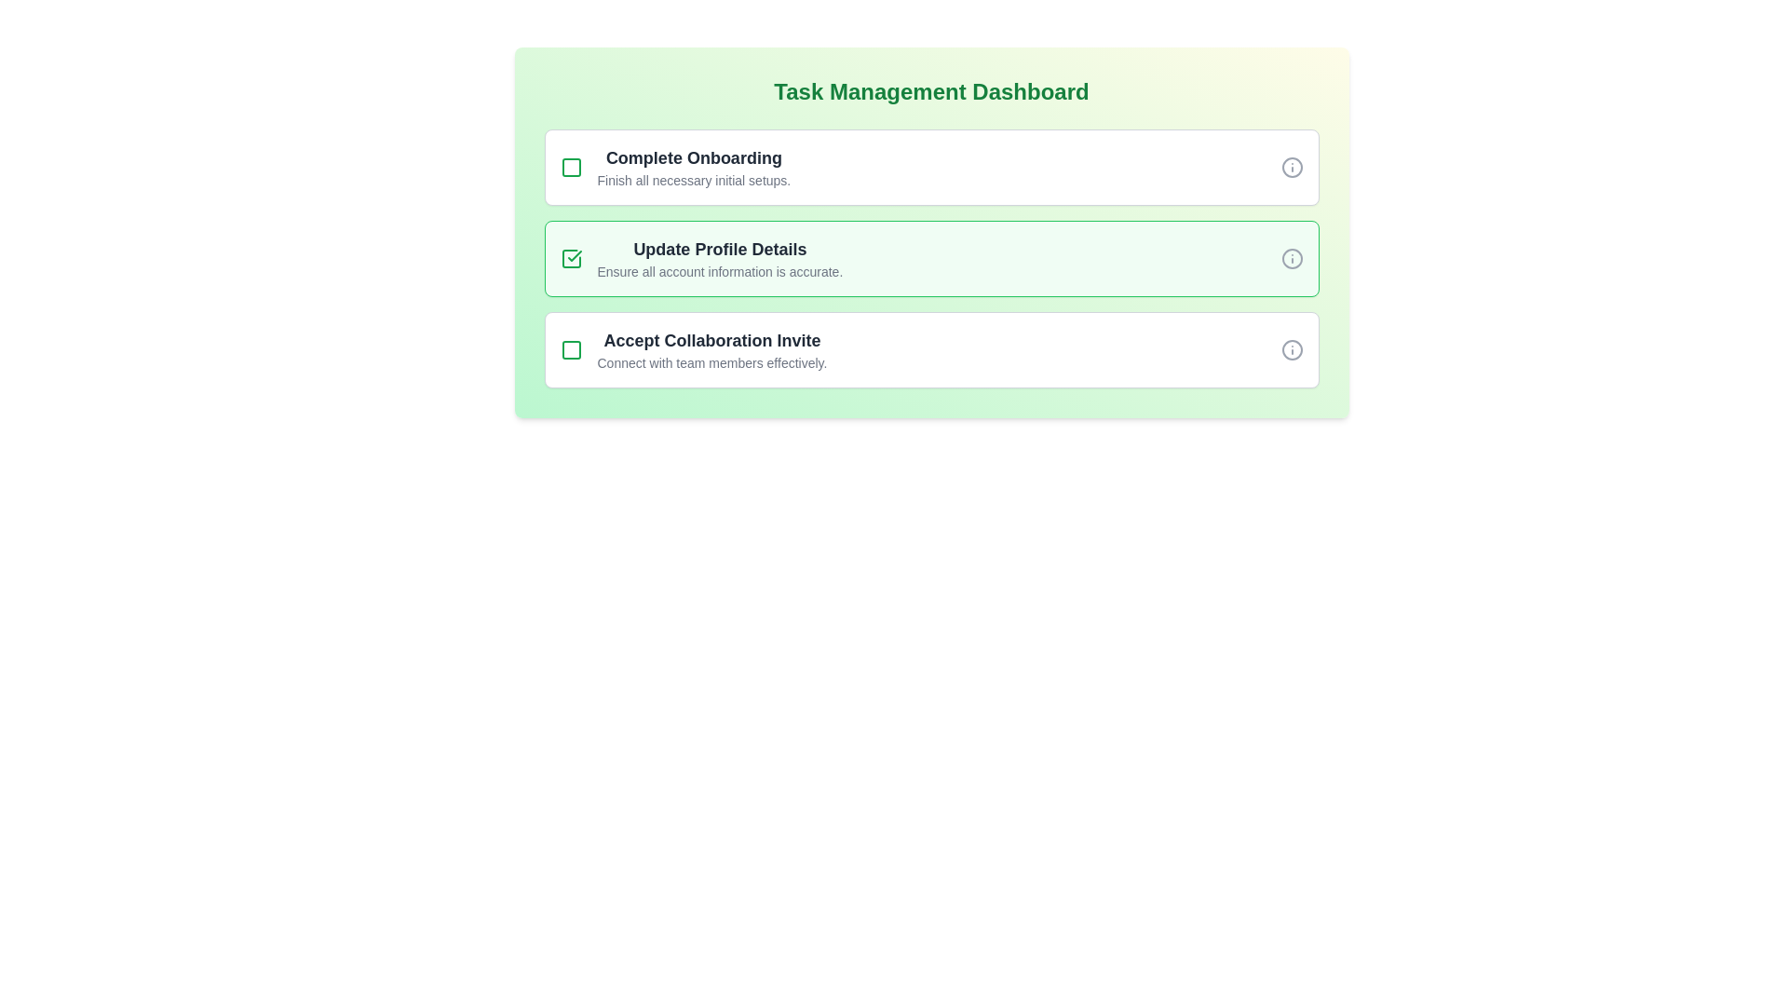 This screenshot has height=1006, width=1788. Describe the element at coordinates (570, 168) in the screenshot. I see `the green-colored square outline of the Indicator box` at that location.